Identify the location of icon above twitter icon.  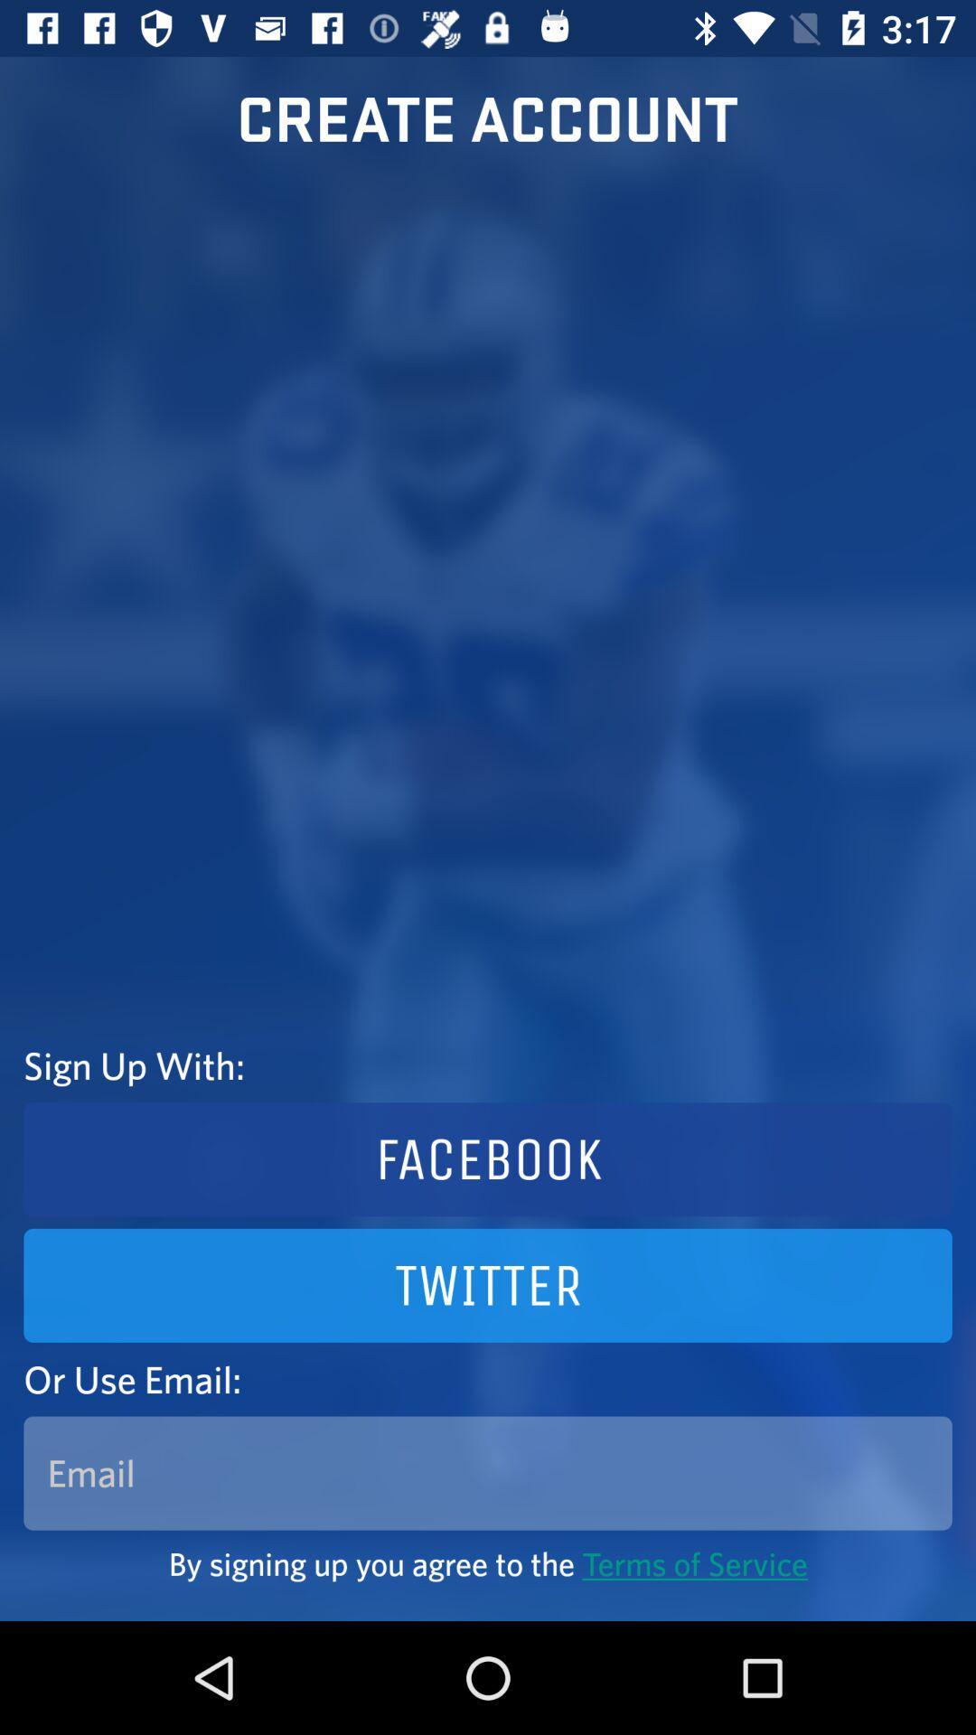
(488, 1159).